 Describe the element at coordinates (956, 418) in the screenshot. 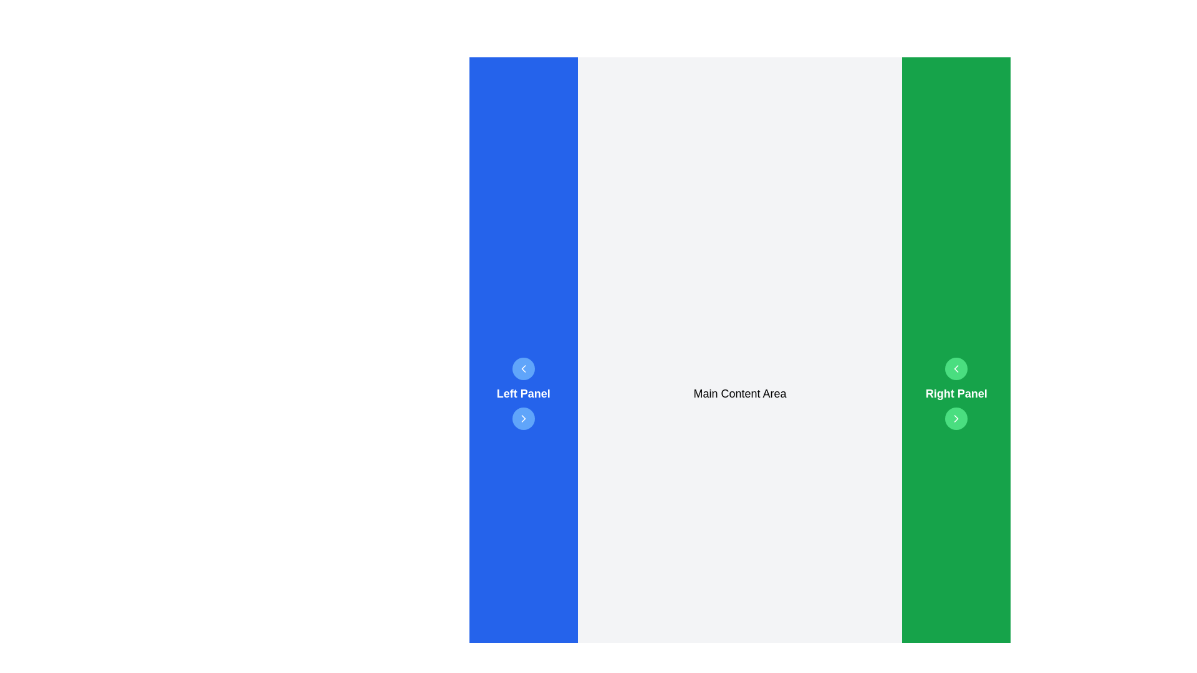

I see `the green circular button with a right-arrow icon located in the Right Panel` at that location.